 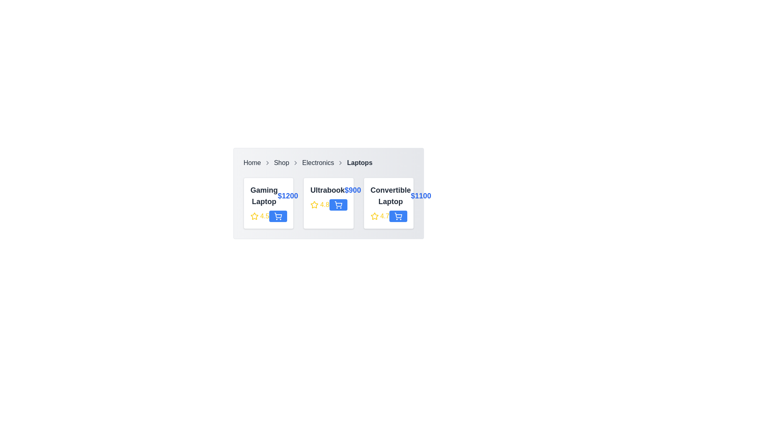 I want to click on the price text label of the 'Gaming Laptop', so click(x=288, y=196).